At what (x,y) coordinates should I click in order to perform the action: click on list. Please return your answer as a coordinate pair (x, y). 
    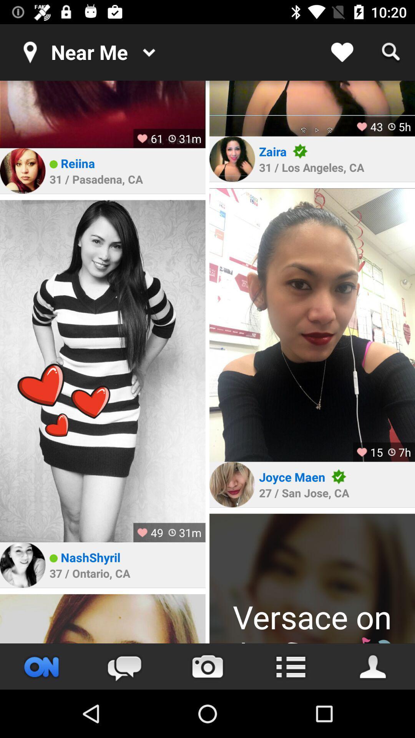
    Looking at the image, I should click on (290, 666).